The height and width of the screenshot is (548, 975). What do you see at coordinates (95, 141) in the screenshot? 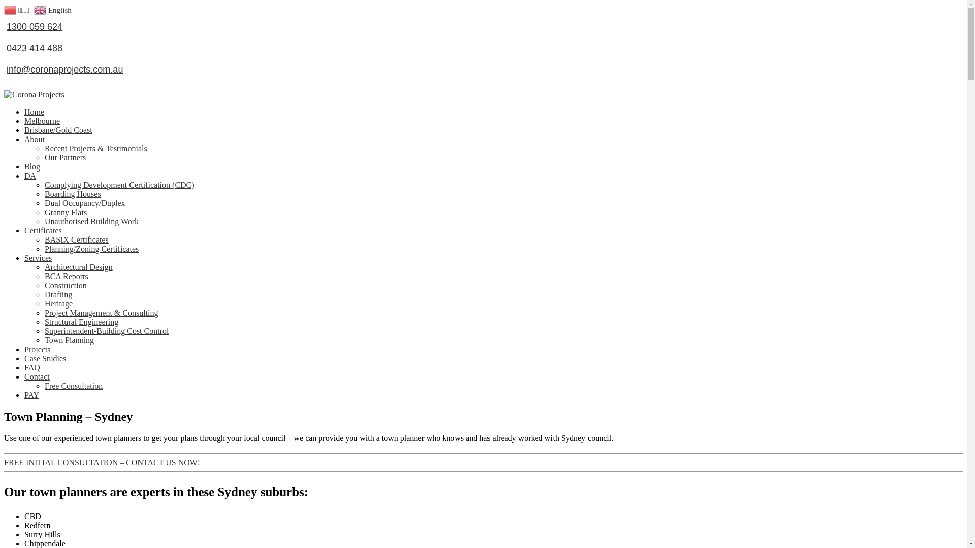
I see `'Recent Projects & Testimonials'` at bounding box center [95, 141].